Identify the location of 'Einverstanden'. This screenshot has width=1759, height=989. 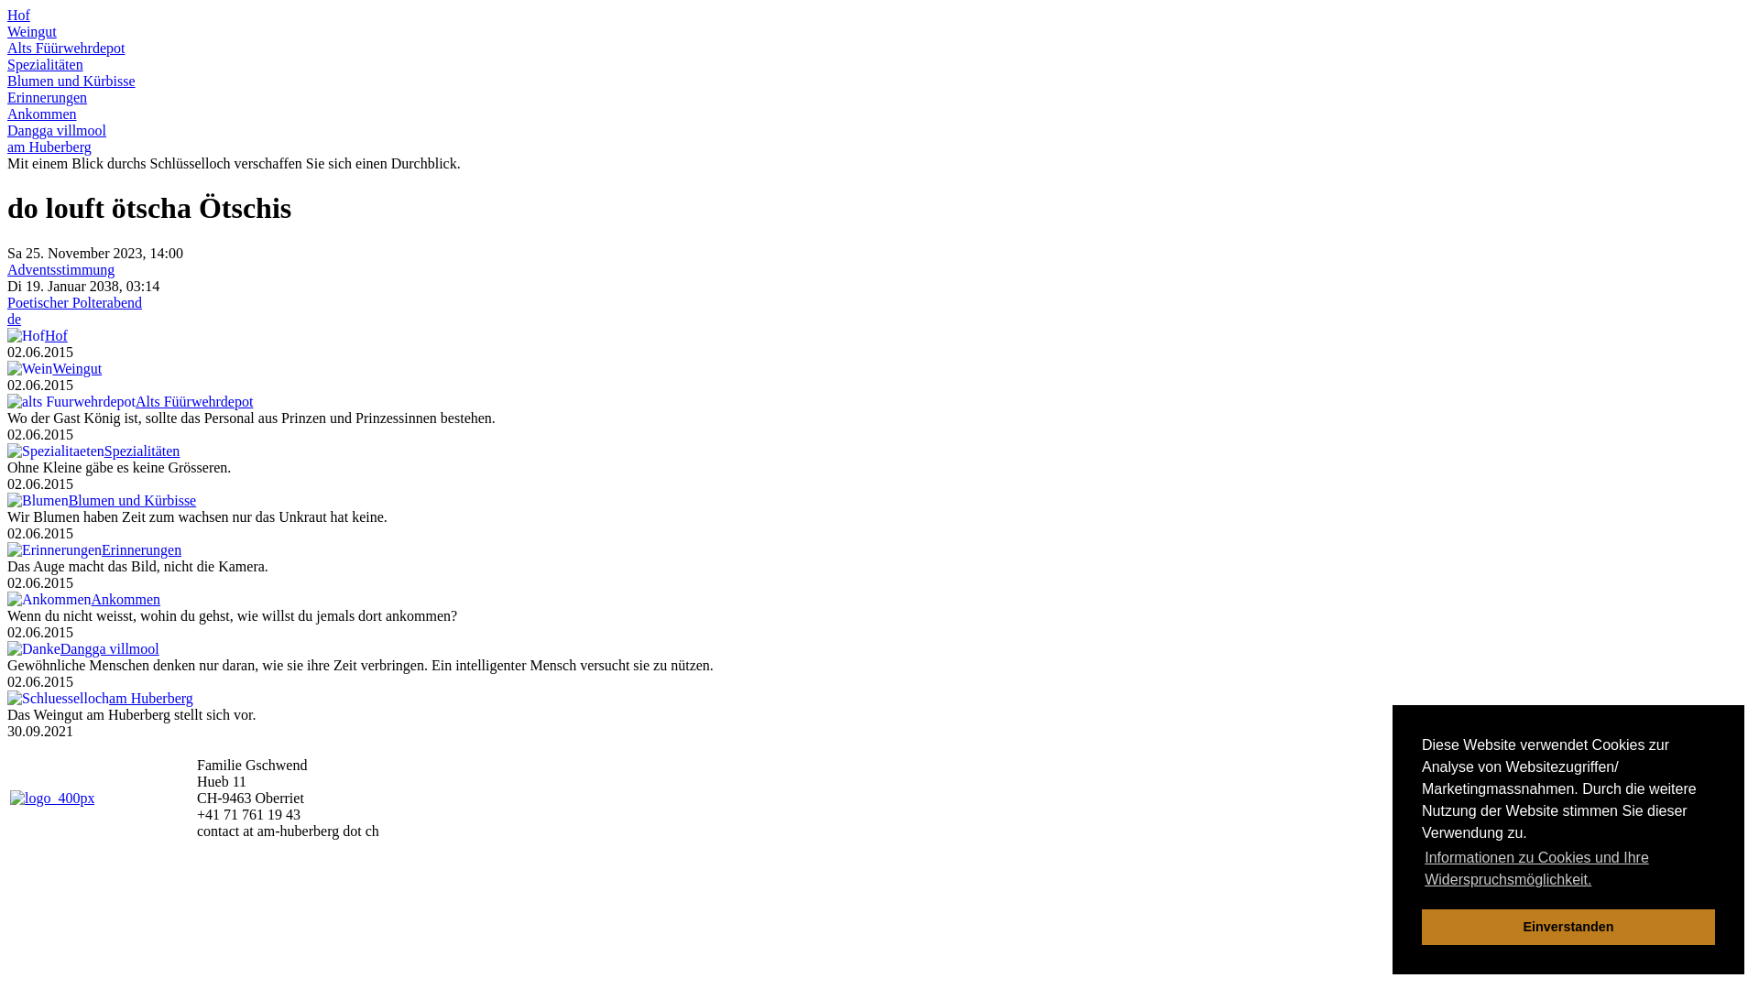
(1568, 926).